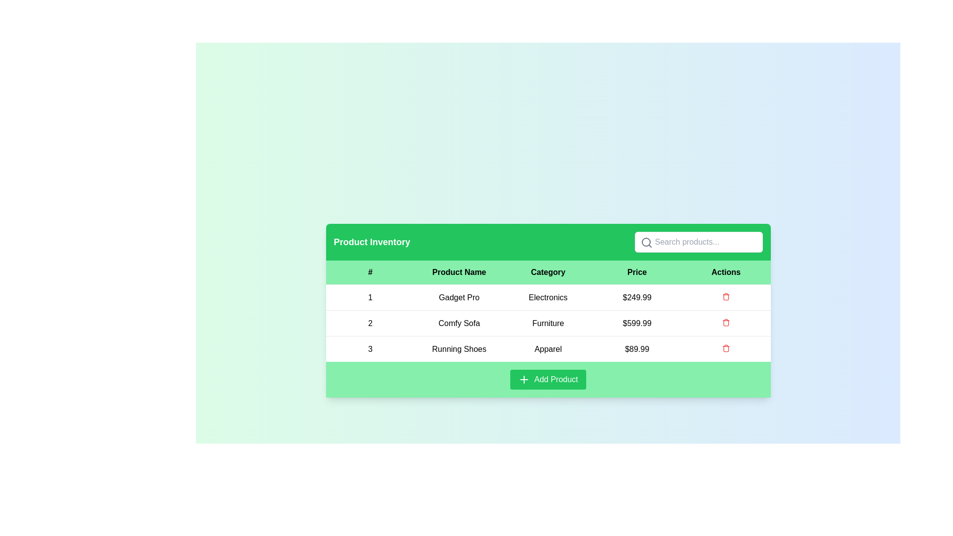 This screenshot has height=536, width=953. What do you see at coordinates (726, 348) in the screenshot?
I see `the delete icon button` at bounding box center [726, 348].